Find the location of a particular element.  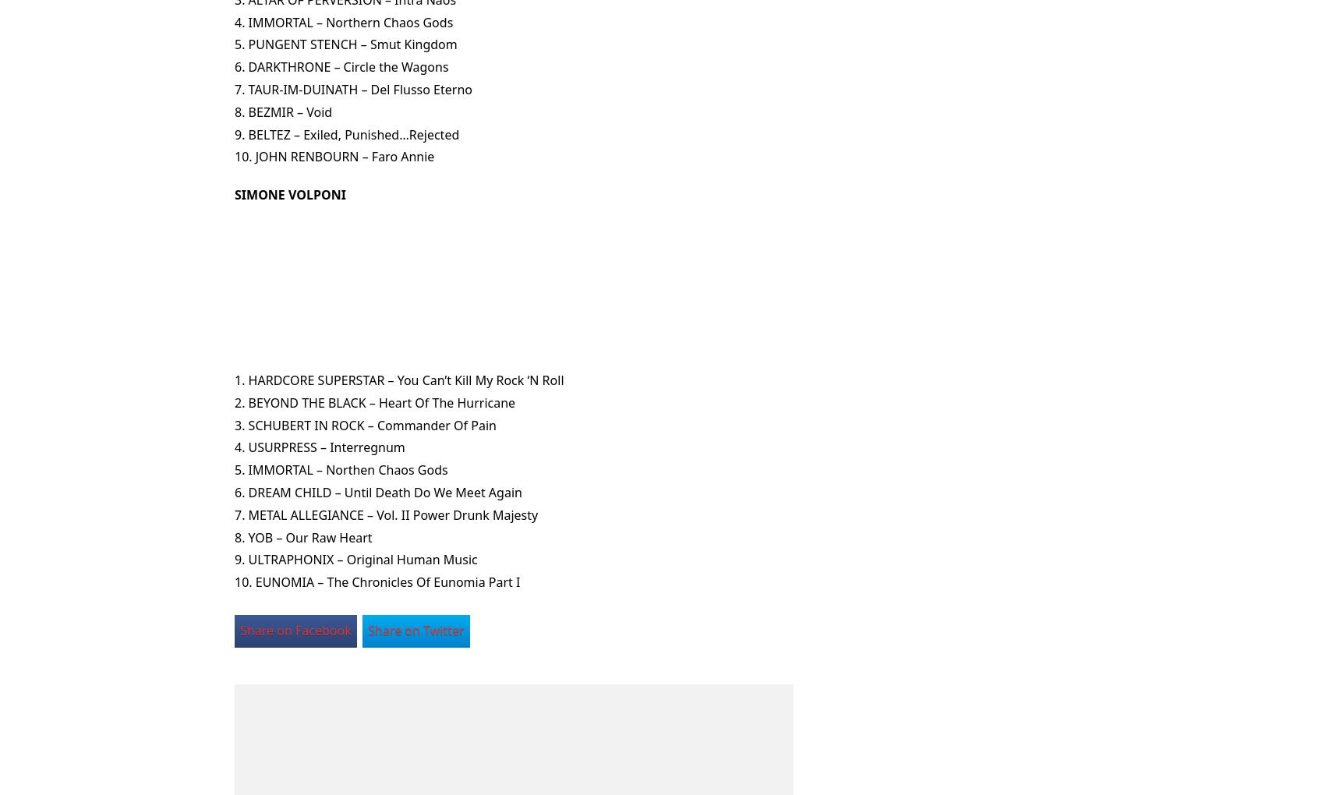

'Share on Facebook' is located at coordinates (239, 630).